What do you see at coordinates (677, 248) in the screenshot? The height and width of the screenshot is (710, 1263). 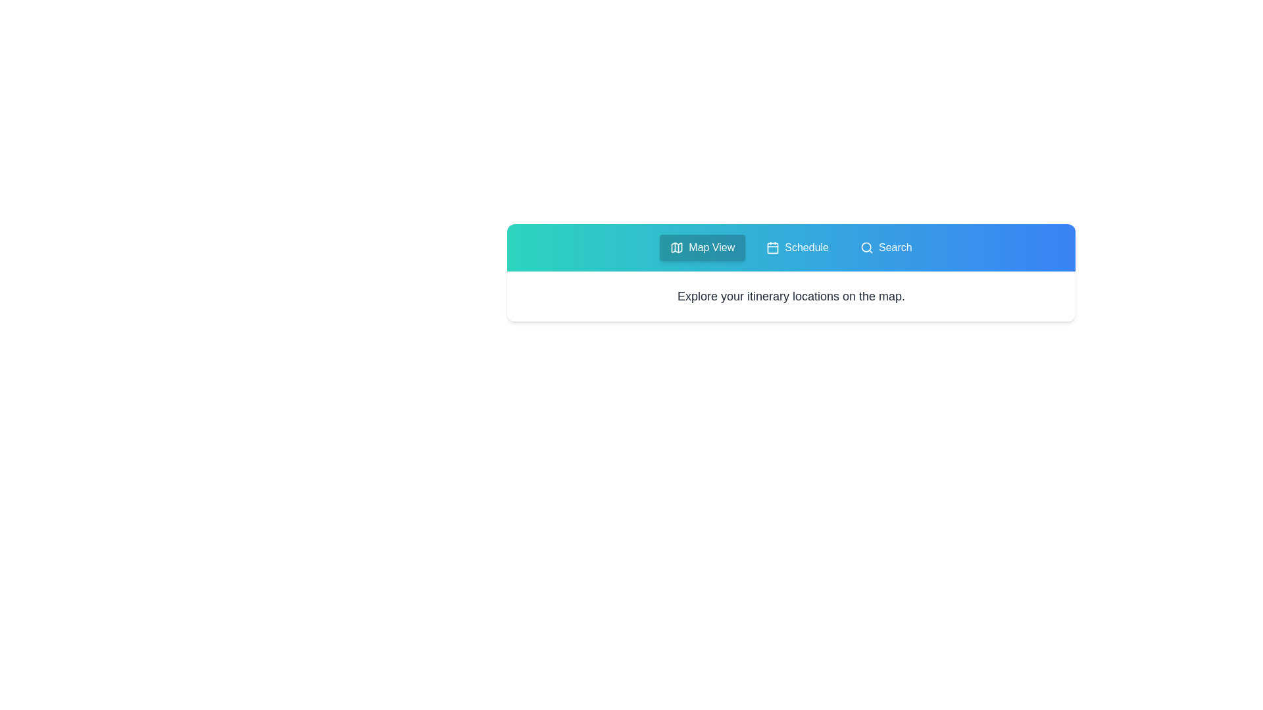 I see `the 'Map View' icon located in the leftmost position of the horizontal toolbar at the upper section of the interface` at bounding box center [677, 248].